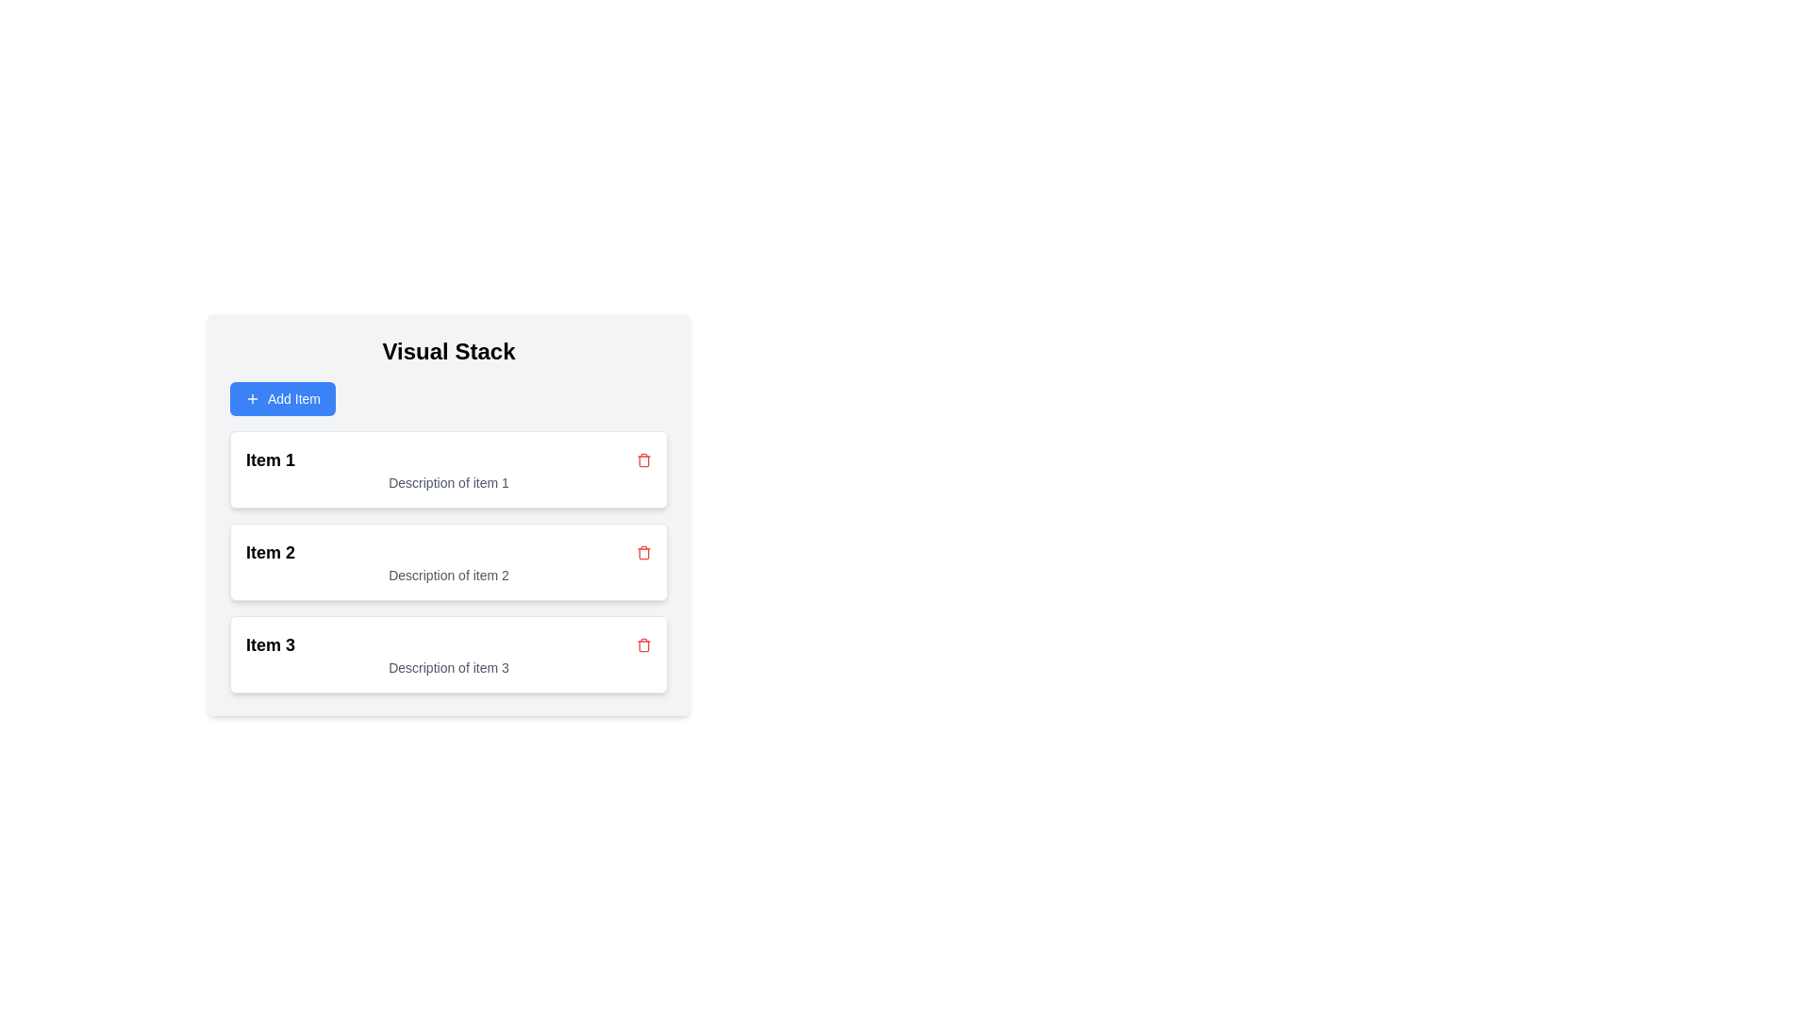 The width and height of the screenshot is (1811, 1019). I want to click on the SVG icon featuring a plus sign, which is located within the blue 'Add Item' button at the top-left of the interface, directly to the left of the button's text, so click(252, 398).